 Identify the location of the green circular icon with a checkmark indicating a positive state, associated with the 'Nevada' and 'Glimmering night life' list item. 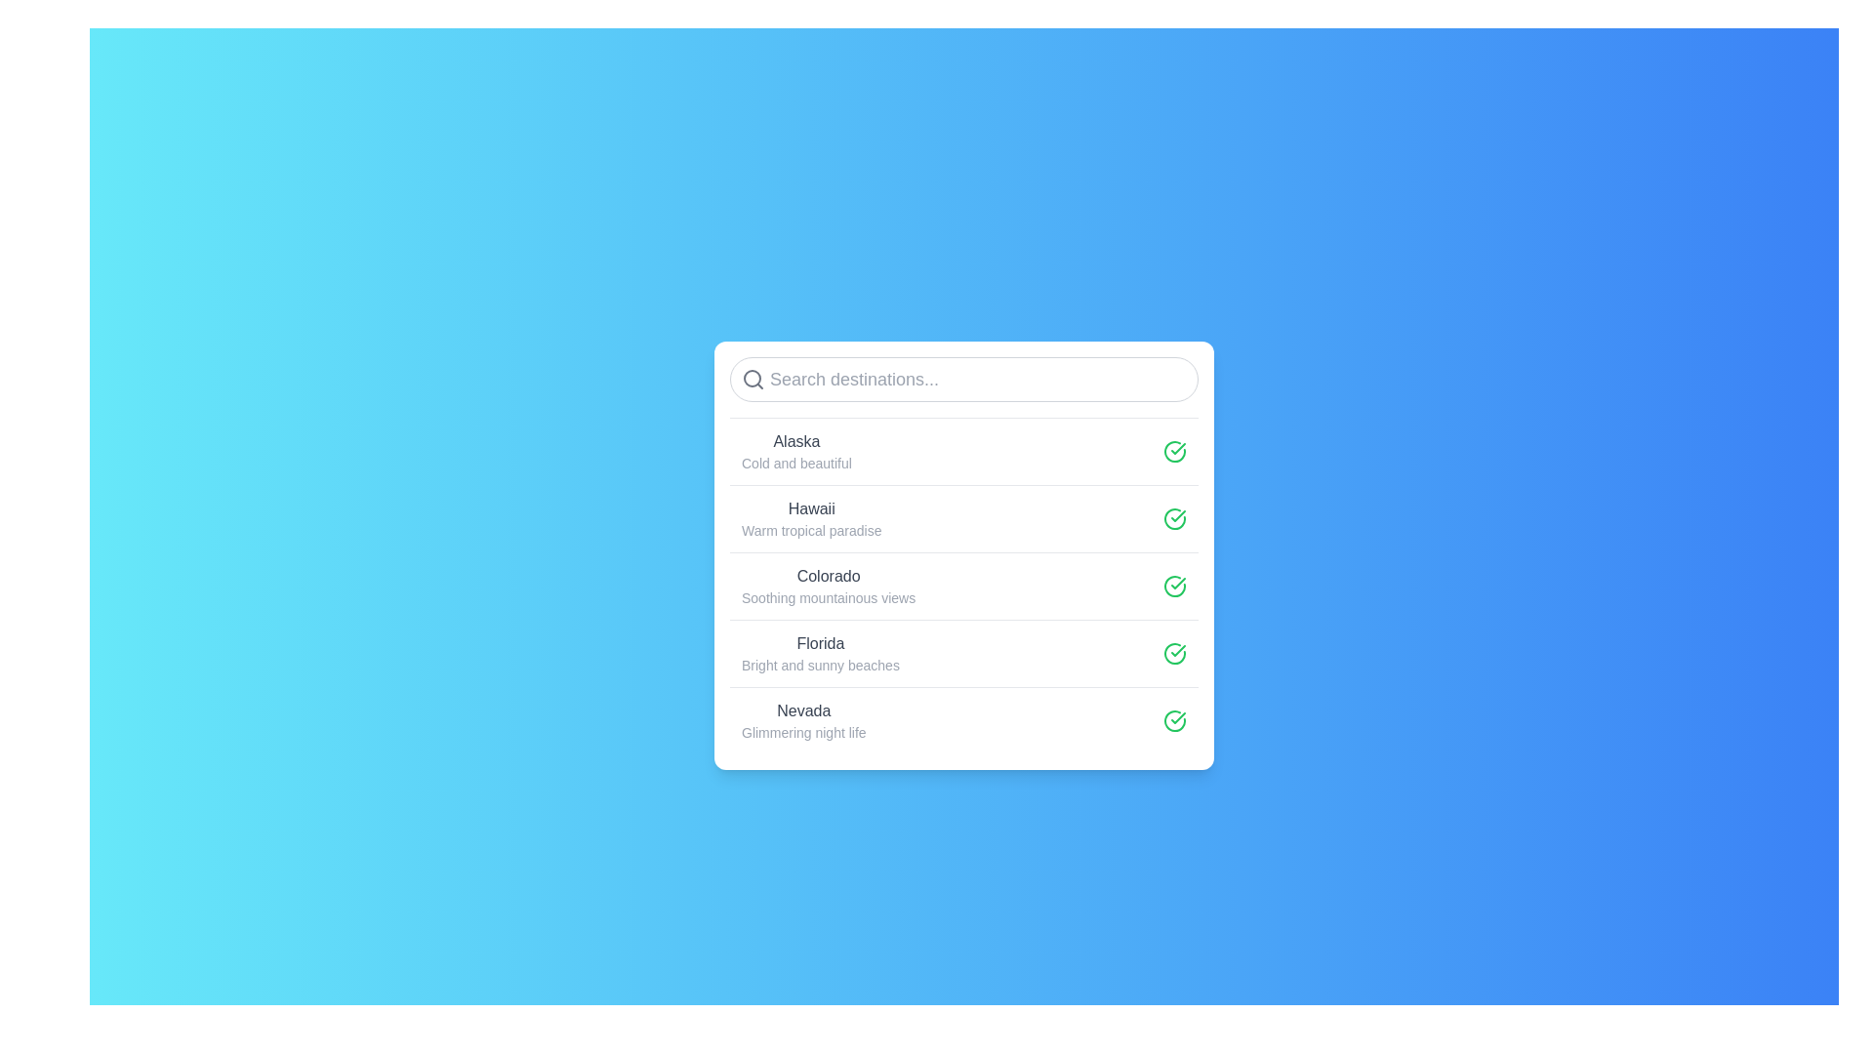
(1174, 719).